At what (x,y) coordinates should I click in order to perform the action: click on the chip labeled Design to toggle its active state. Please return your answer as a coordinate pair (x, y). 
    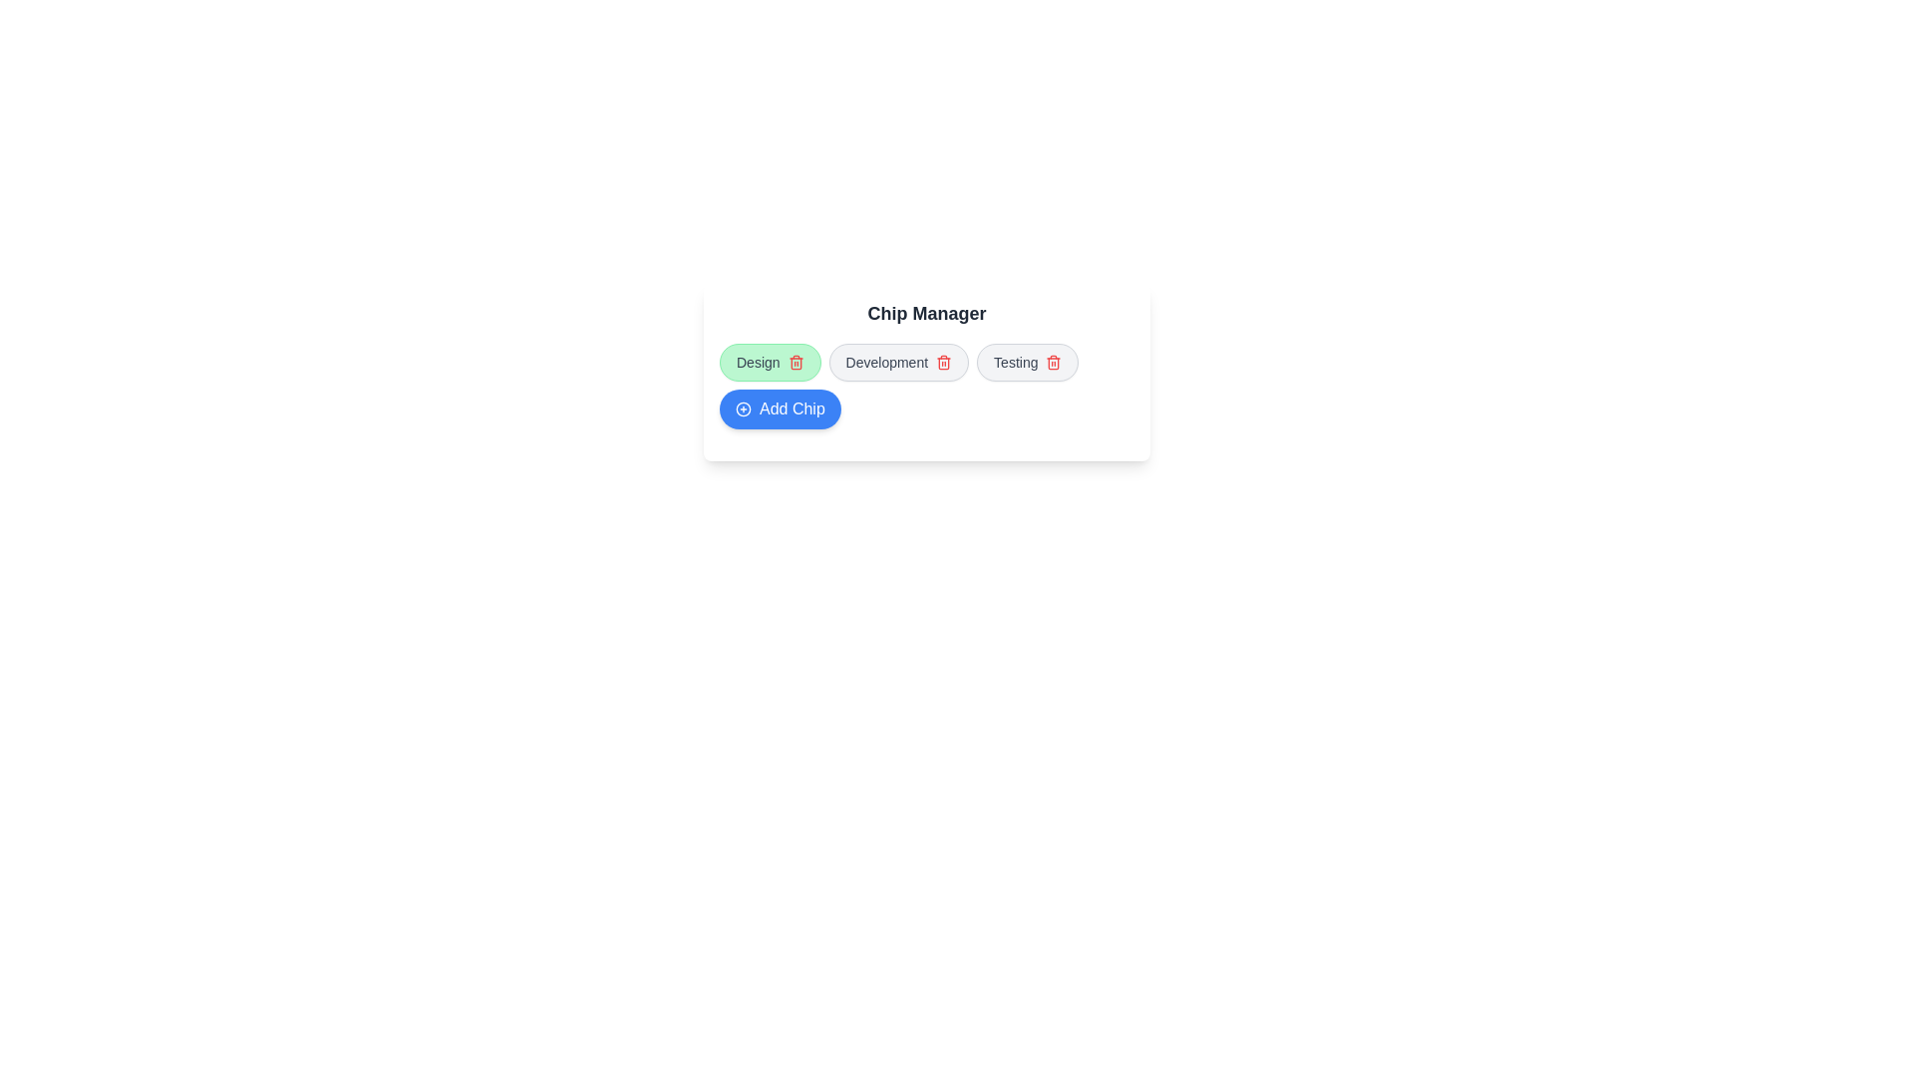
    Looking at the image, I should click on (769, 362).